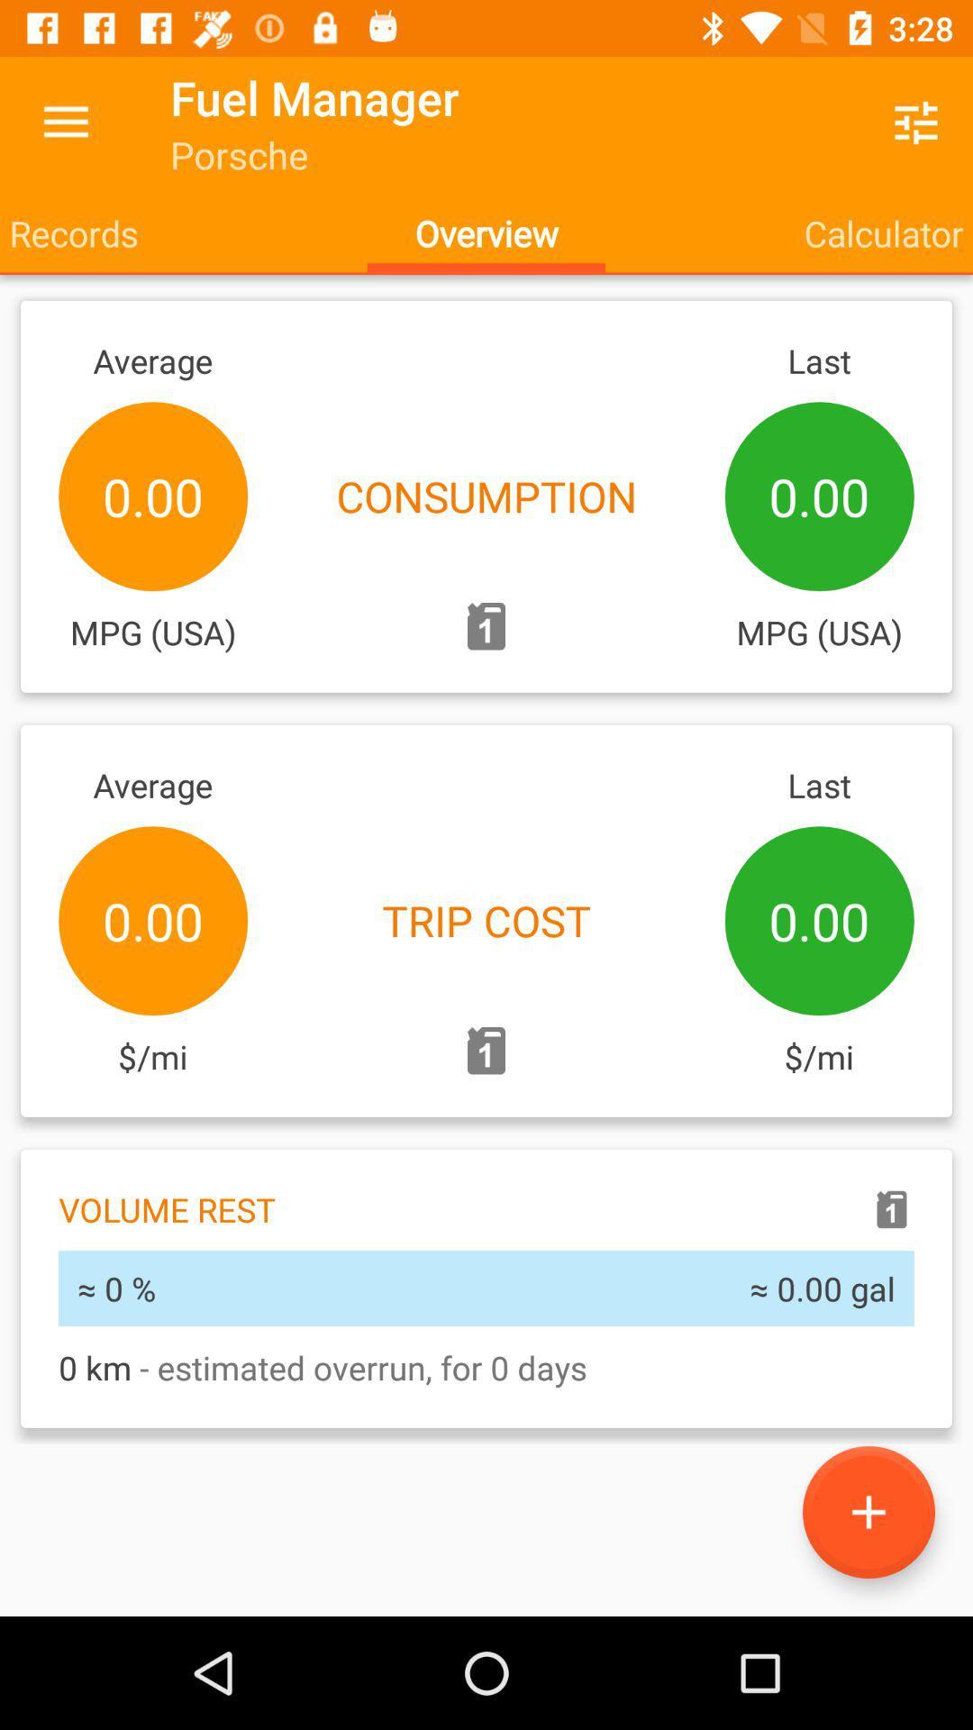  I want to click on icon to the right of the fuel manager, so click(916, 122).